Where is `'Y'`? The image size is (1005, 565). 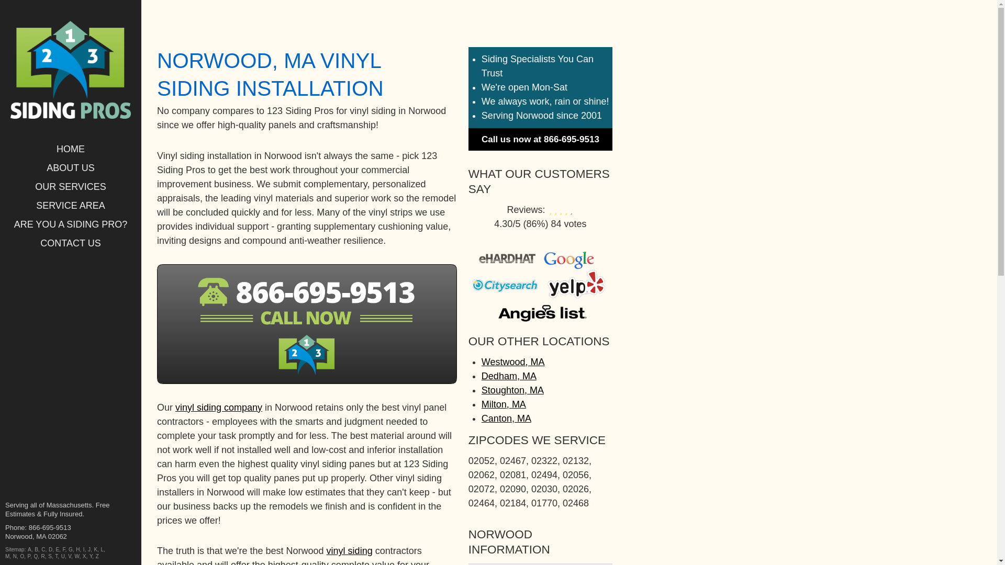 'Y' is located at coordinates (90, 556).